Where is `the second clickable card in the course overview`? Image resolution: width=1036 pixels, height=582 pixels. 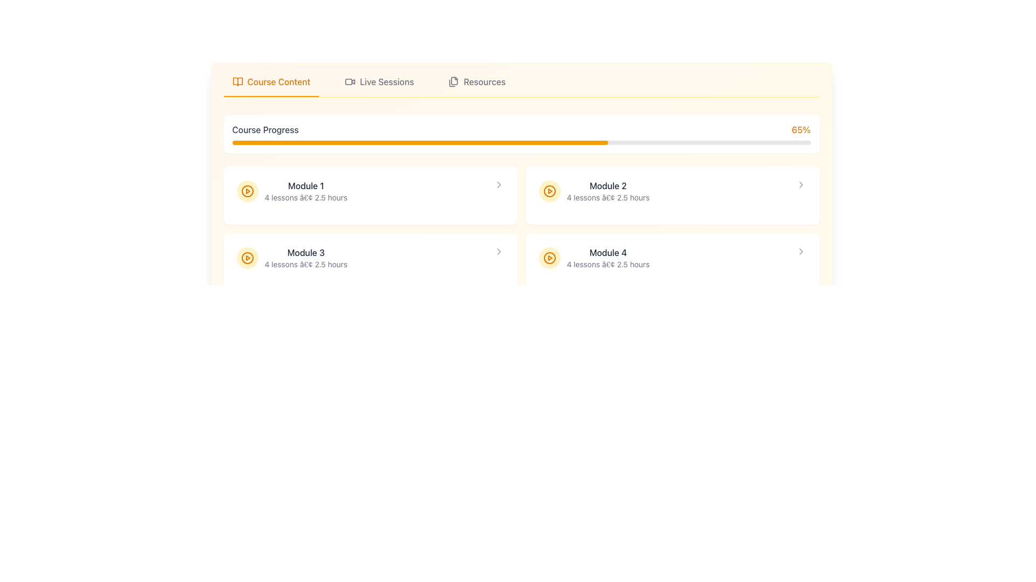
the second clickable card in the course overview is located at coordinates (370, 258).